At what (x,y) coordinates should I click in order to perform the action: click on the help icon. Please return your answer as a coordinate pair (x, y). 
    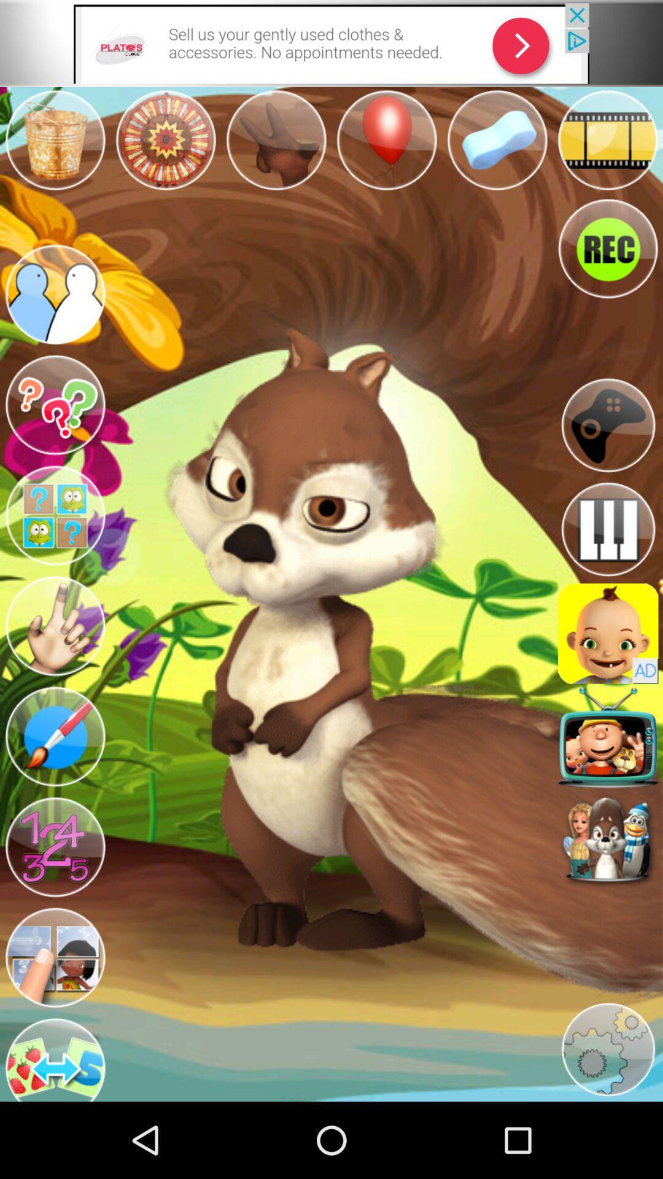
    Looking at the image, I should click on (54, 434).